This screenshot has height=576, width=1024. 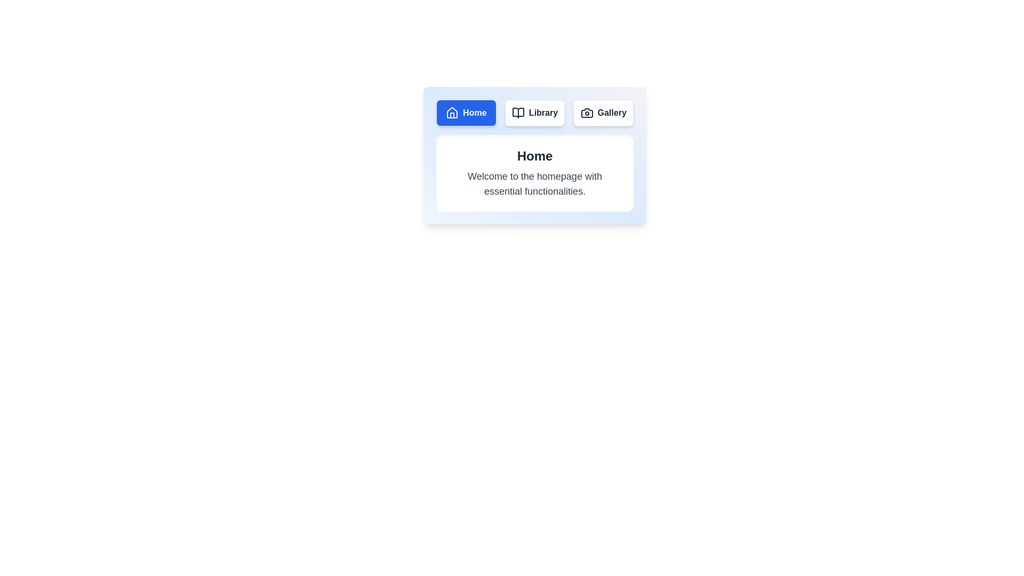 What do you see at coordinates (466, 113) in the screenshot?
I see `the Home tab to display its content` at bounding box center [466, 113].